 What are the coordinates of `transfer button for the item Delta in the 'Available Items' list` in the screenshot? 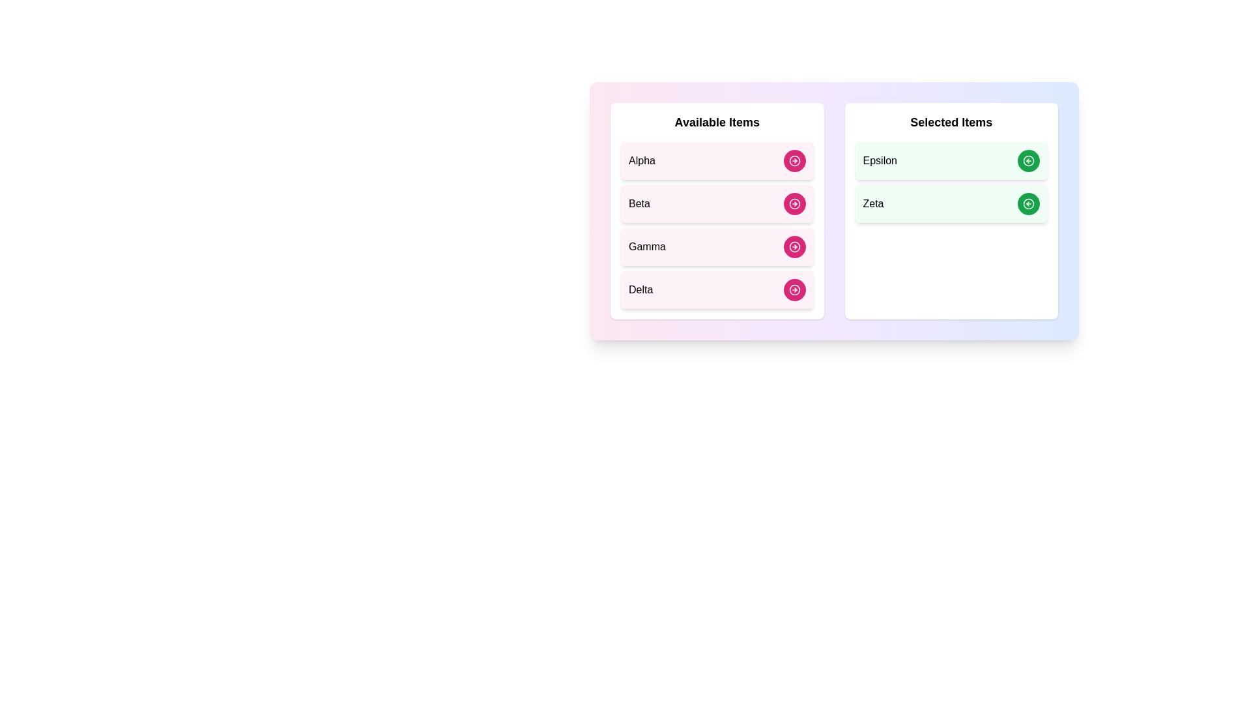 It's located at (794, 289).